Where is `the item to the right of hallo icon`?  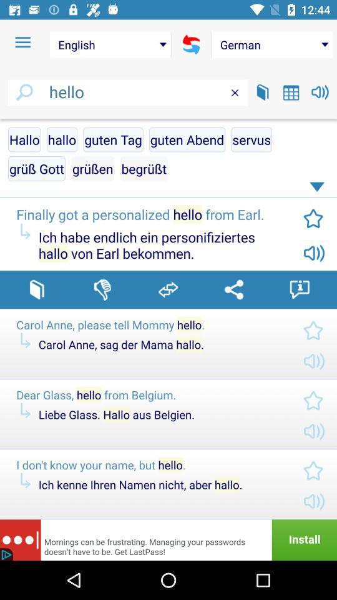 the item to the right of hallo icon is located at coordinates (113, 139).